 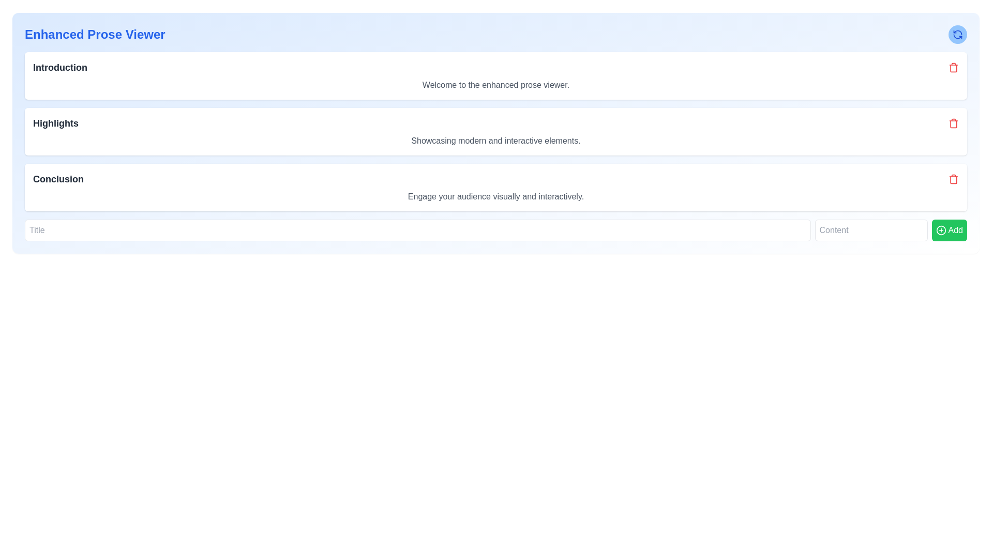 I want to click on the text label 'Introduction', which is bold, dark gray, and larger than nearby elements, located at the top of the content list, so click(x=59, y=68).